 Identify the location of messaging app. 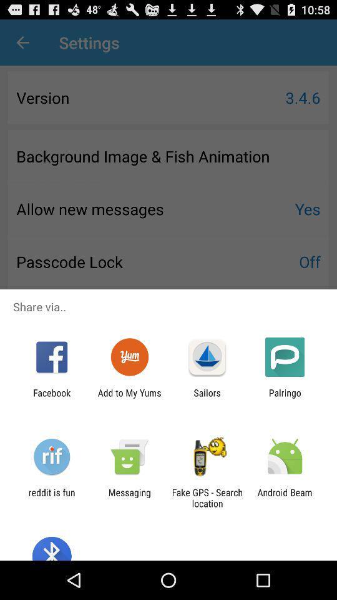
(129, 497).